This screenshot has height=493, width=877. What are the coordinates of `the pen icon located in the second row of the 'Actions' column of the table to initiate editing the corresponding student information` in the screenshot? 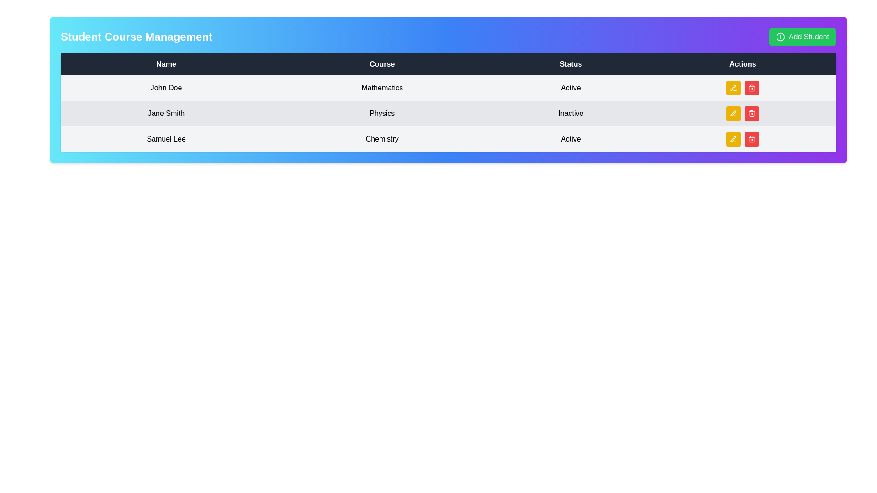 It's located at (733, 113).